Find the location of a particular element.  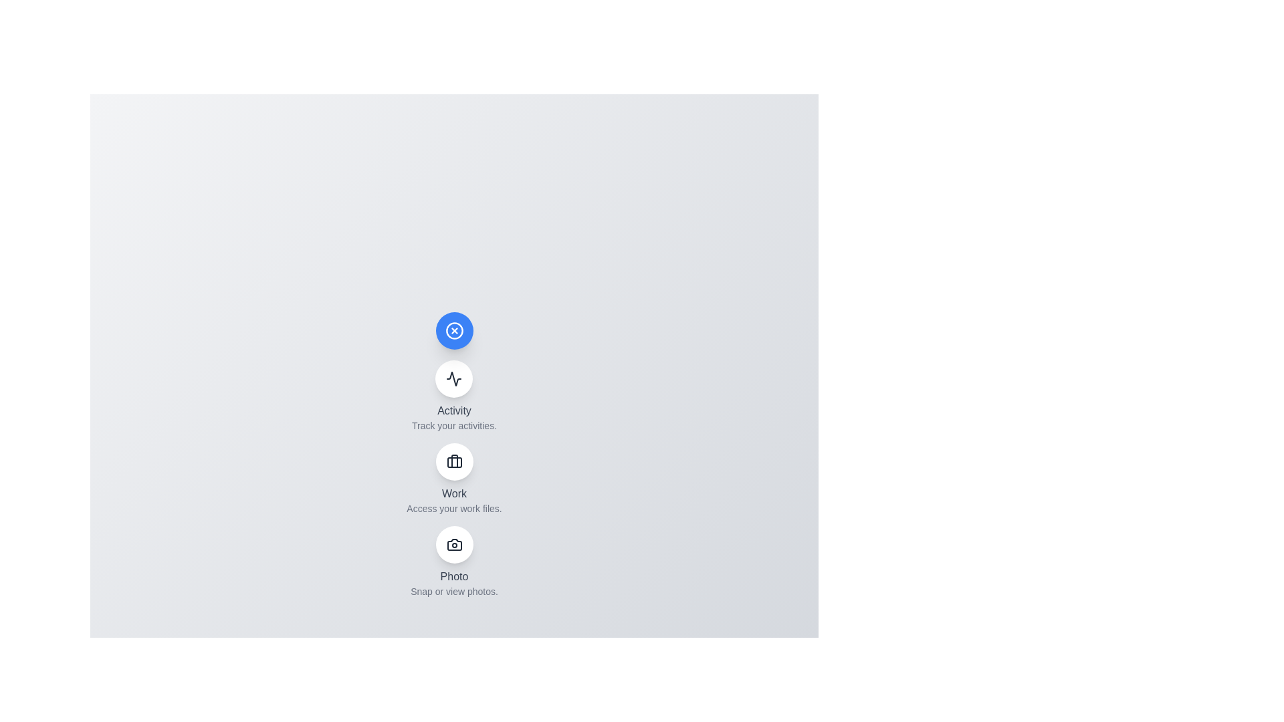

the 'Activity' button is located at coordinates (454, 379).